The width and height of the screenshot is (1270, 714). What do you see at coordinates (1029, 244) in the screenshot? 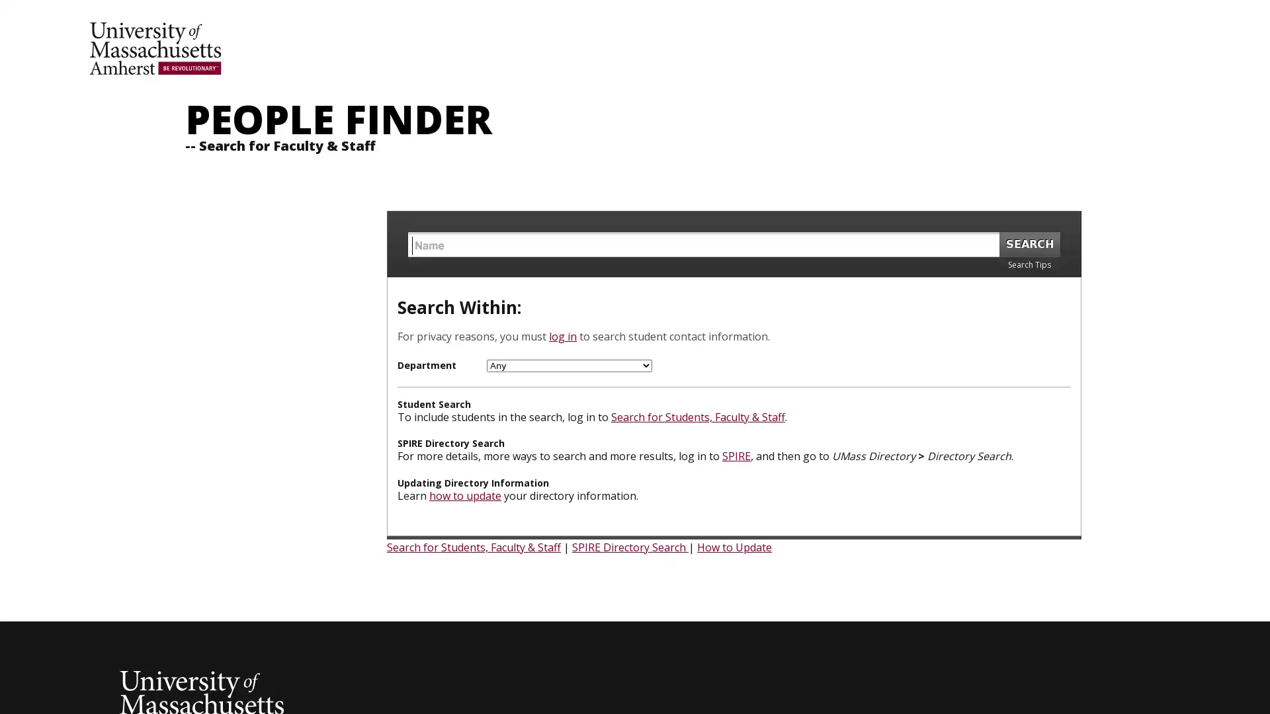
I see `SEARCH` at bounding box center [1029, 244].